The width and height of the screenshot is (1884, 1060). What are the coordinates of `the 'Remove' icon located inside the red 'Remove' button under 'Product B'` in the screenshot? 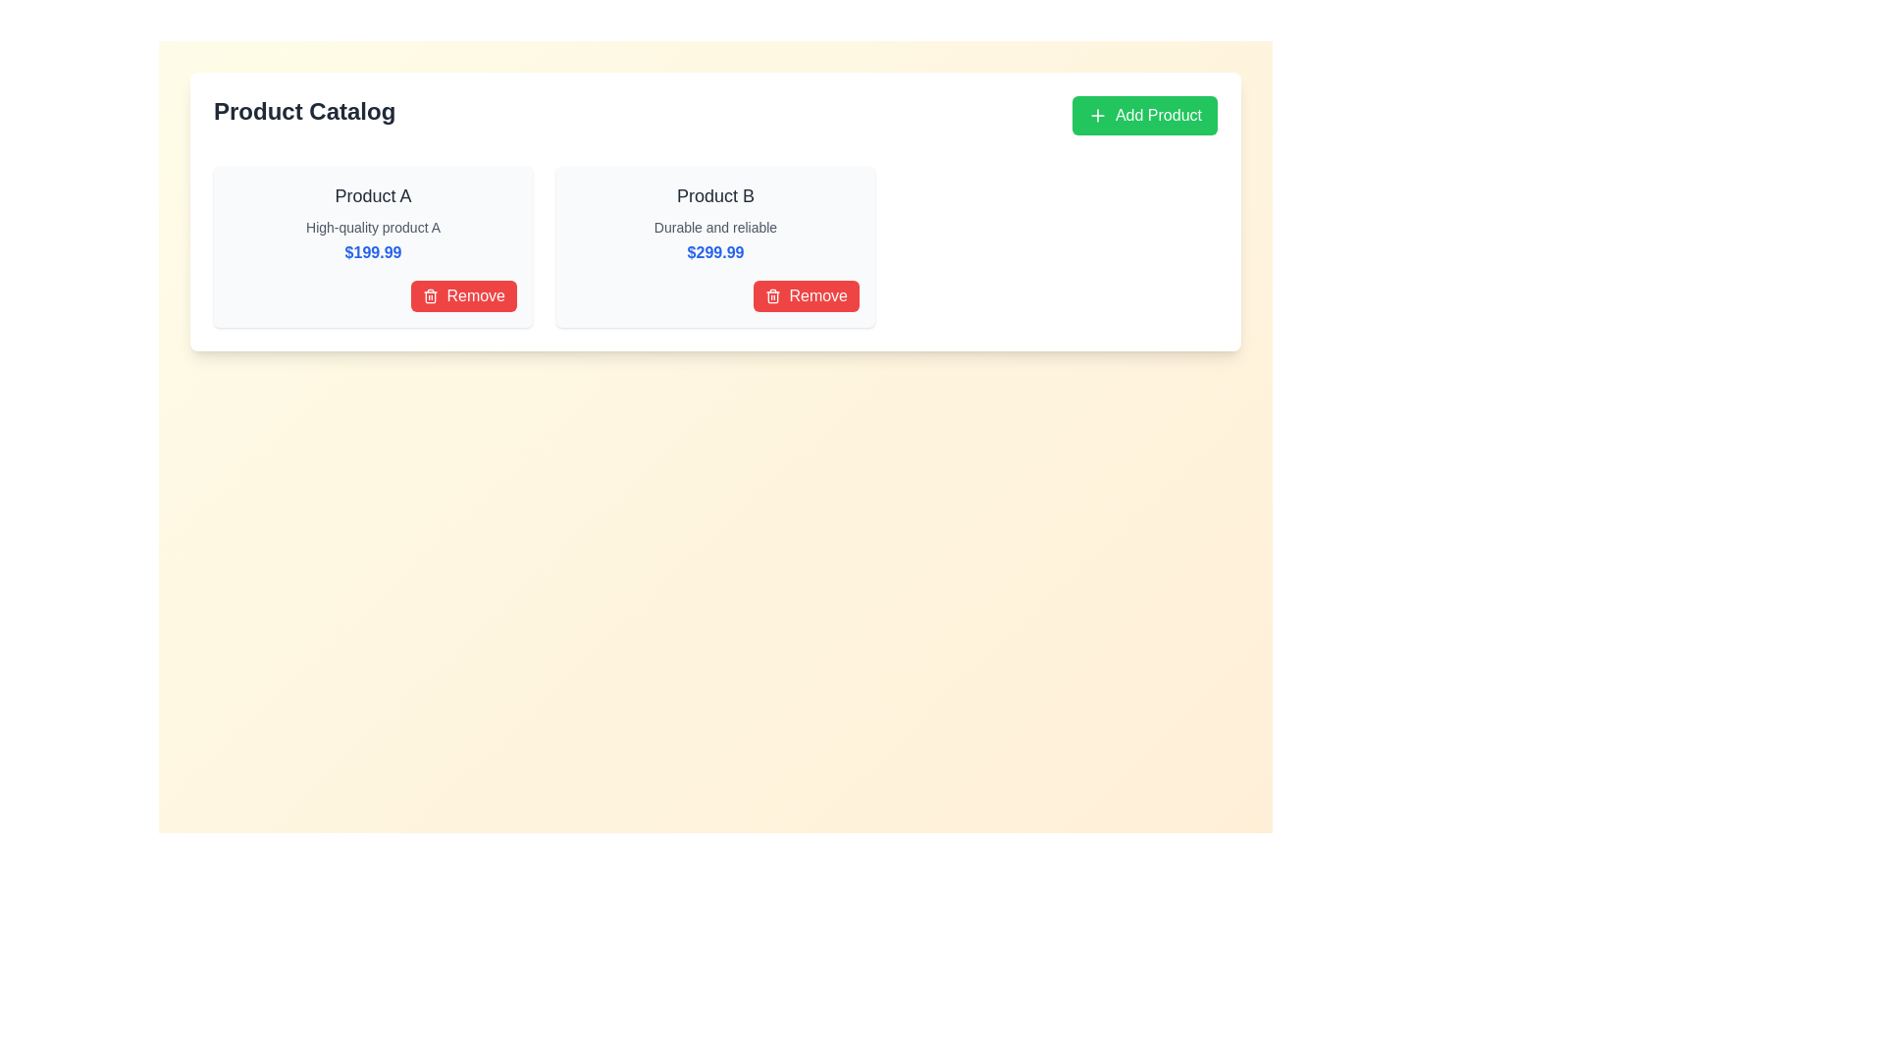 It's located at (772, 295).